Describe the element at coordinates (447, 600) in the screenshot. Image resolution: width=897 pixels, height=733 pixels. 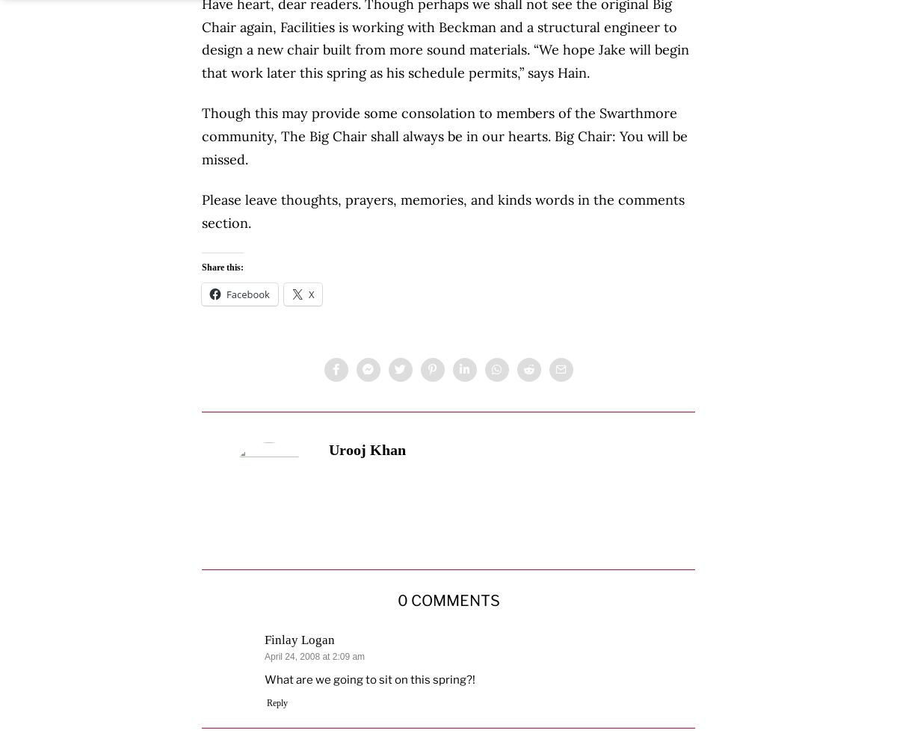
I see `'0 Comments'` at that location.